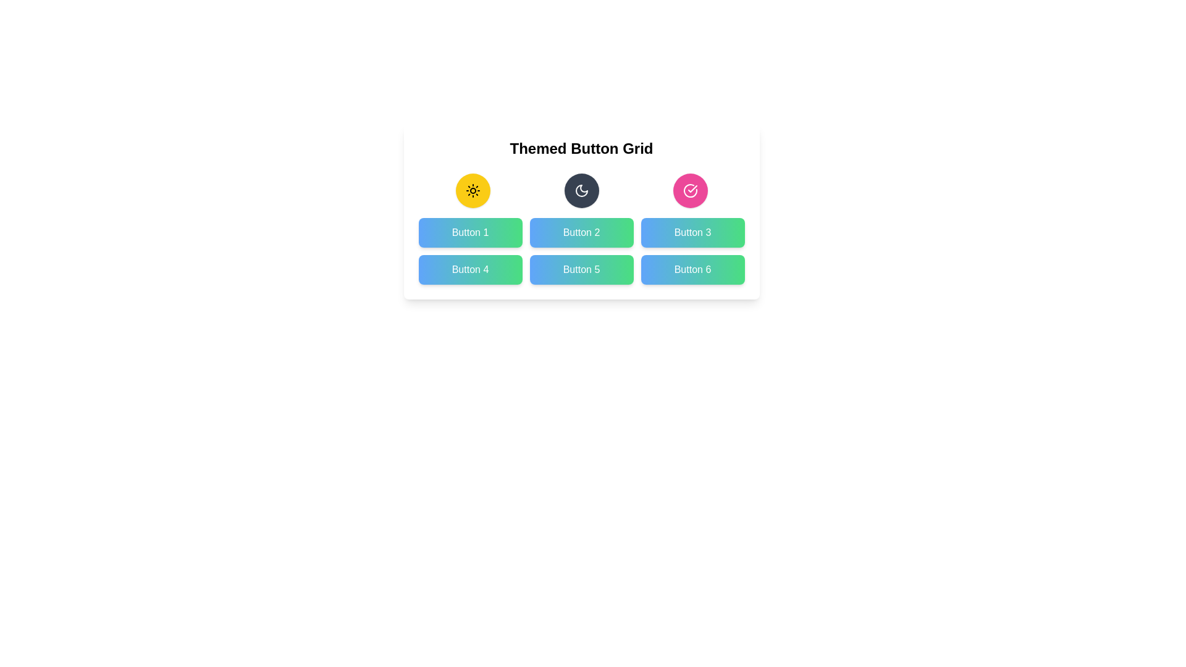 Image resolution: width=1186 pixels, height=667 pixels. Describe the element at coordinates (581, 269) in the screenshot. I see `the interactive button located in the grid layout, which is the second button in the second row, positioned between 'Button 4' and 'Button 6'` at that location.